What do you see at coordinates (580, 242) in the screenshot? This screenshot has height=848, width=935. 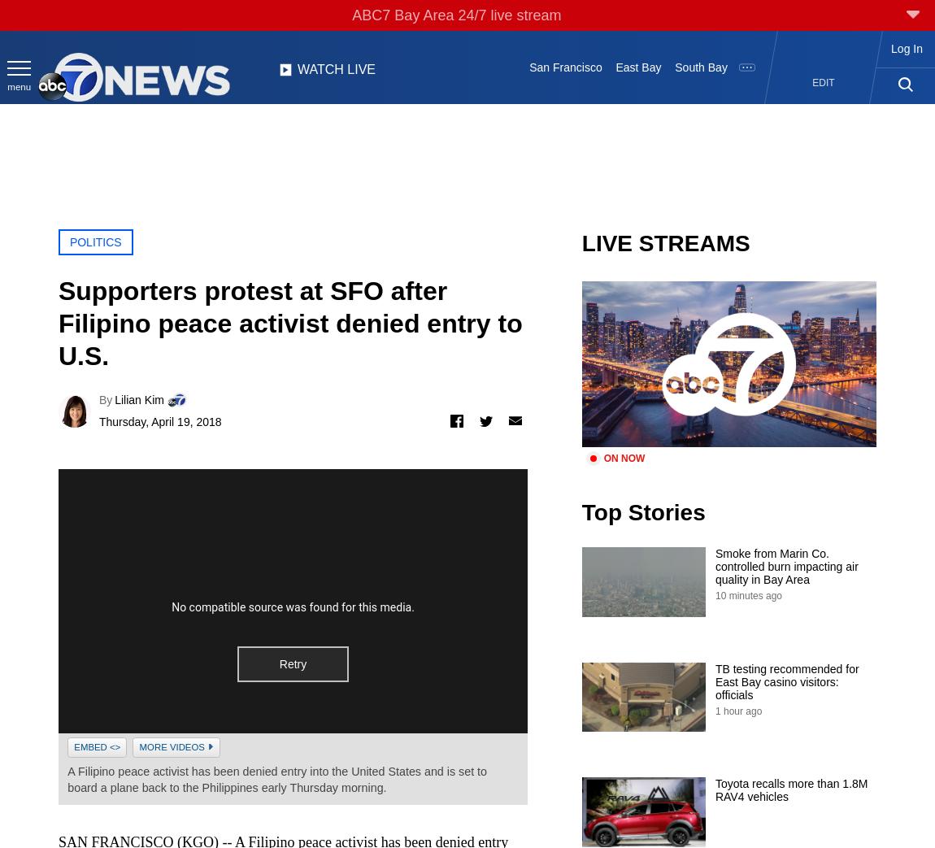 I see `'Live Streams'` at bounding box center [580, 242].